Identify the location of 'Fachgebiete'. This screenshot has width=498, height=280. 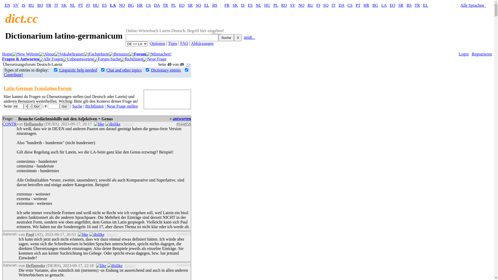
(99, 54).